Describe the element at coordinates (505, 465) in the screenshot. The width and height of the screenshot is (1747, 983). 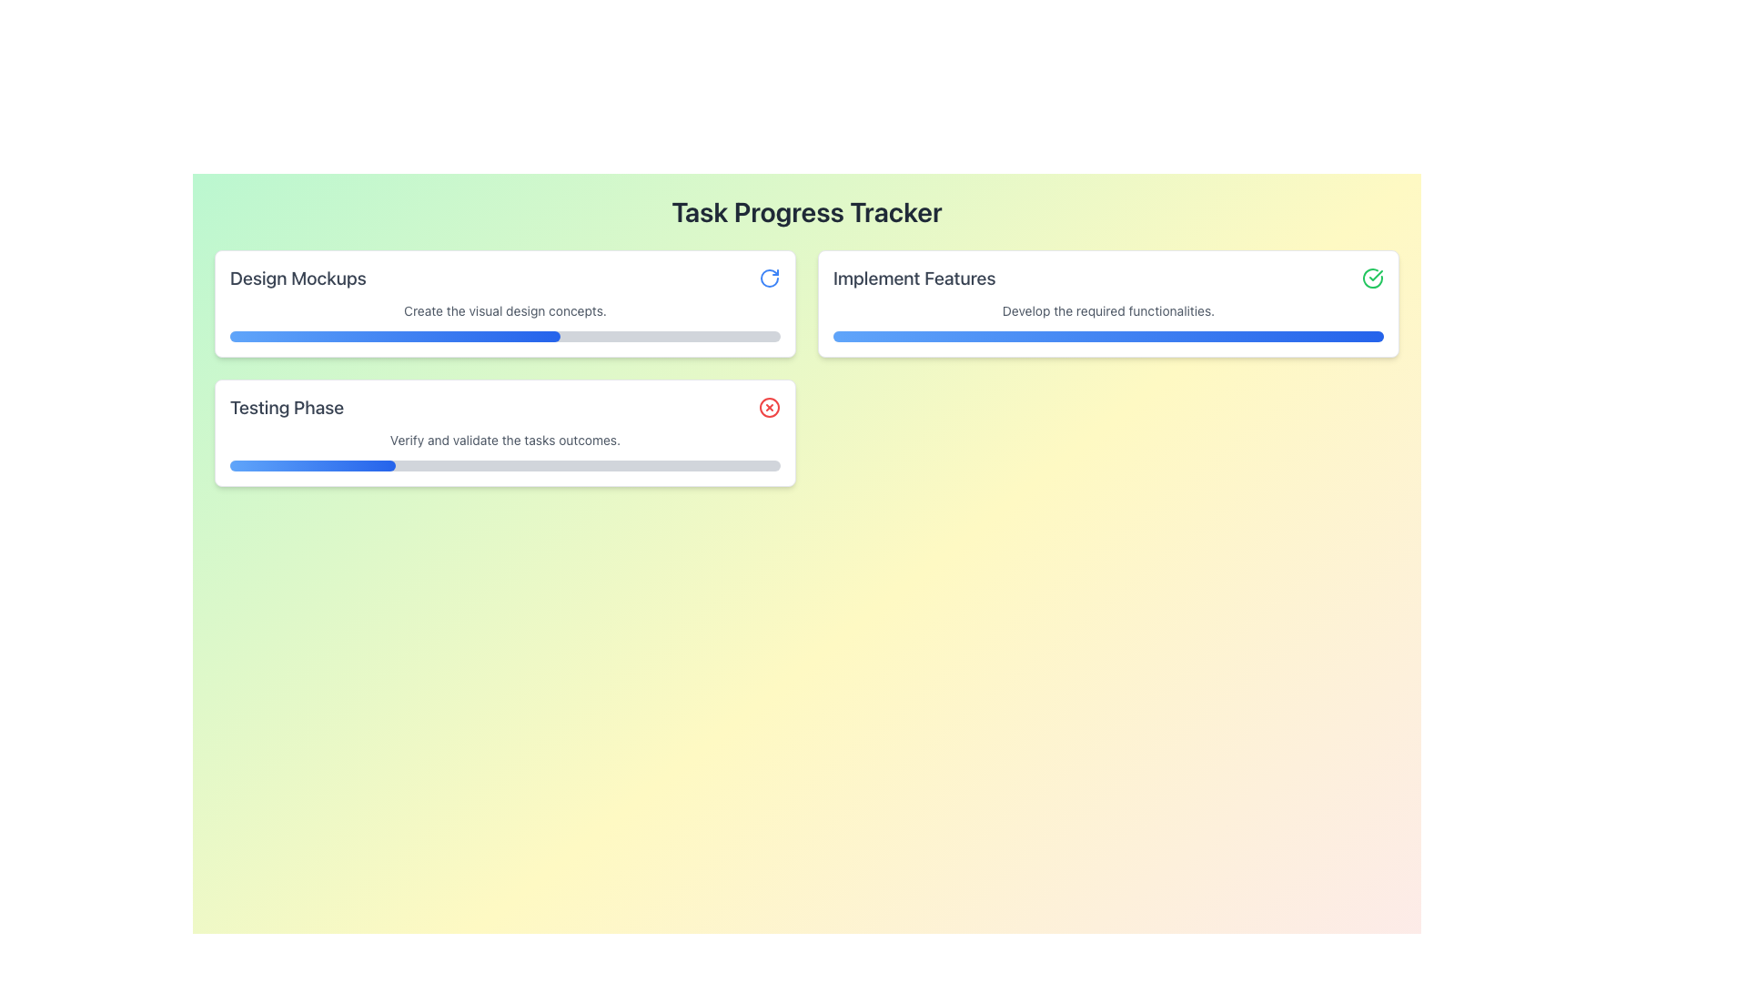
I see `the progress status of the progress bar located within the 'Testing Phase' card, beneath the text 'Verify and validate the tasks outcomes.'` at that location.